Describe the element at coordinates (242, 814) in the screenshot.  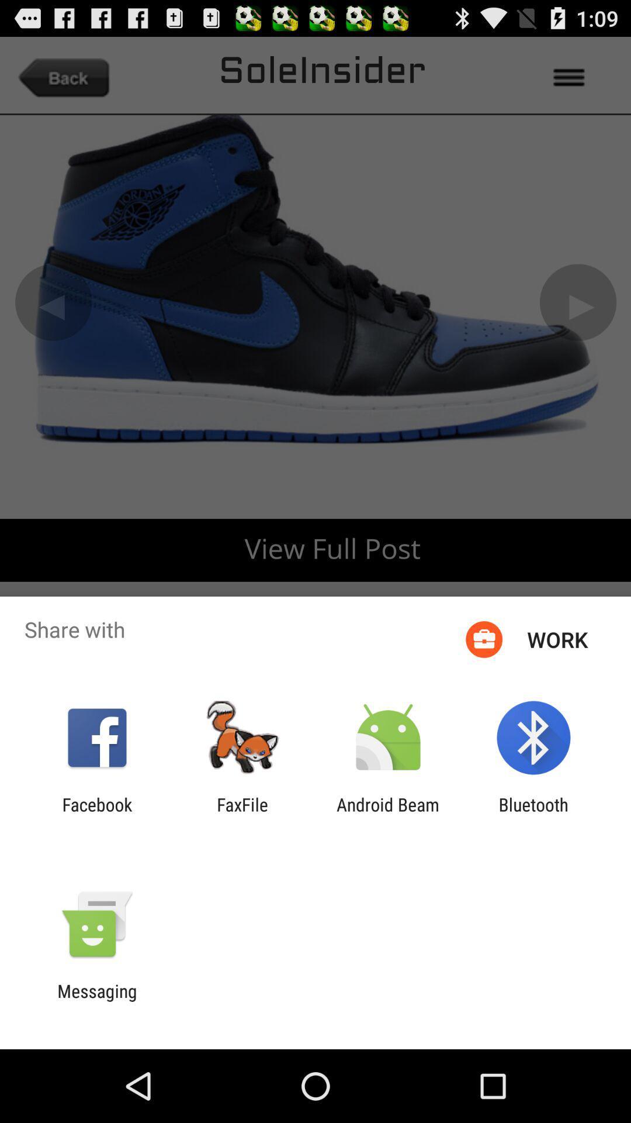
I see `item next to android beam item` at that location.